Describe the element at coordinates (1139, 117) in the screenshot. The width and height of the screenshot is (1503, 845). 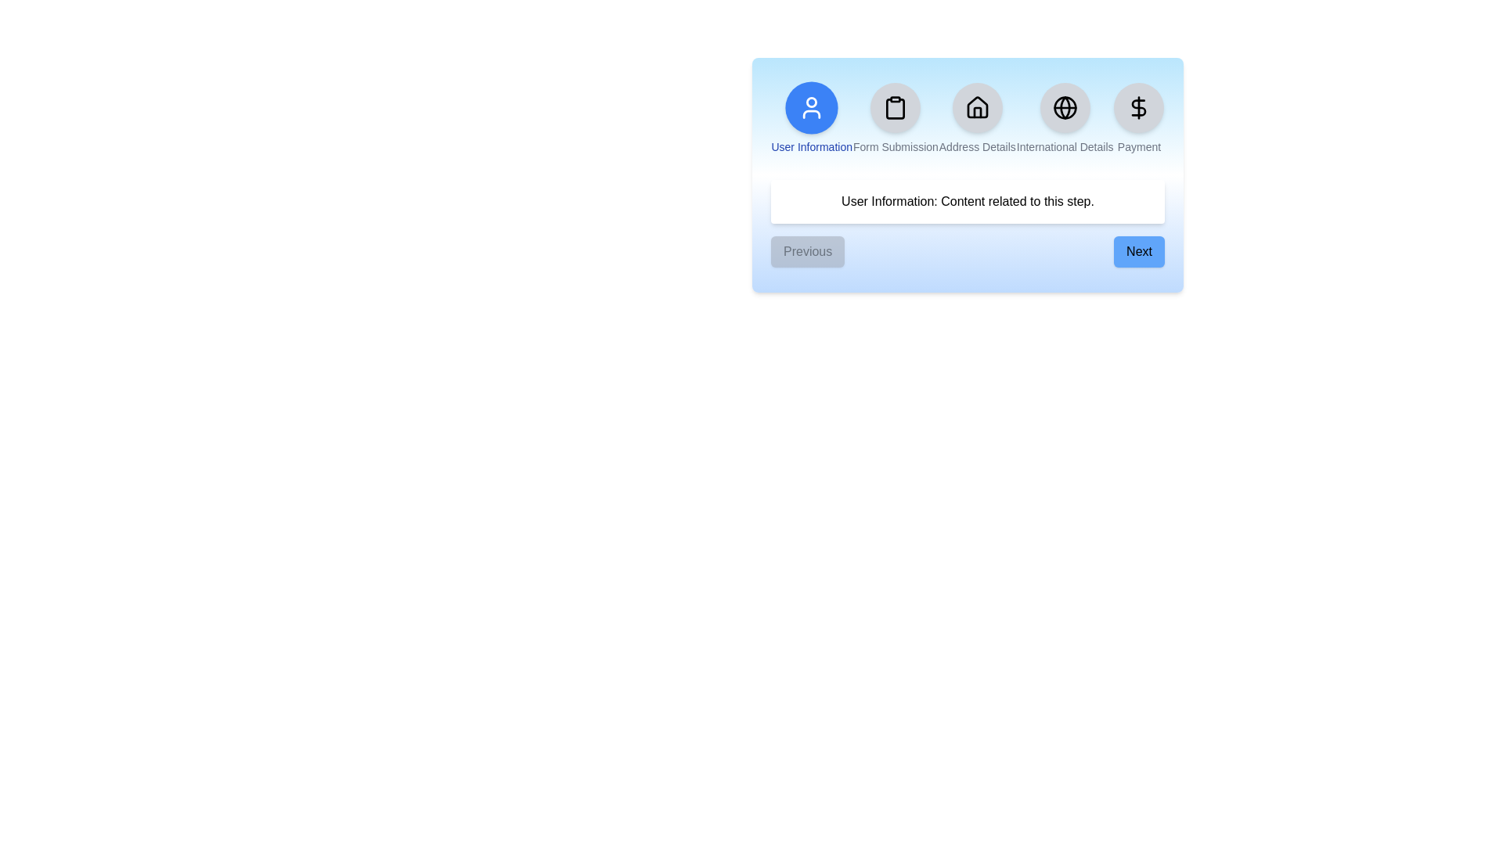
I see `the step indicator for Payment to navigate to that step` at that location.